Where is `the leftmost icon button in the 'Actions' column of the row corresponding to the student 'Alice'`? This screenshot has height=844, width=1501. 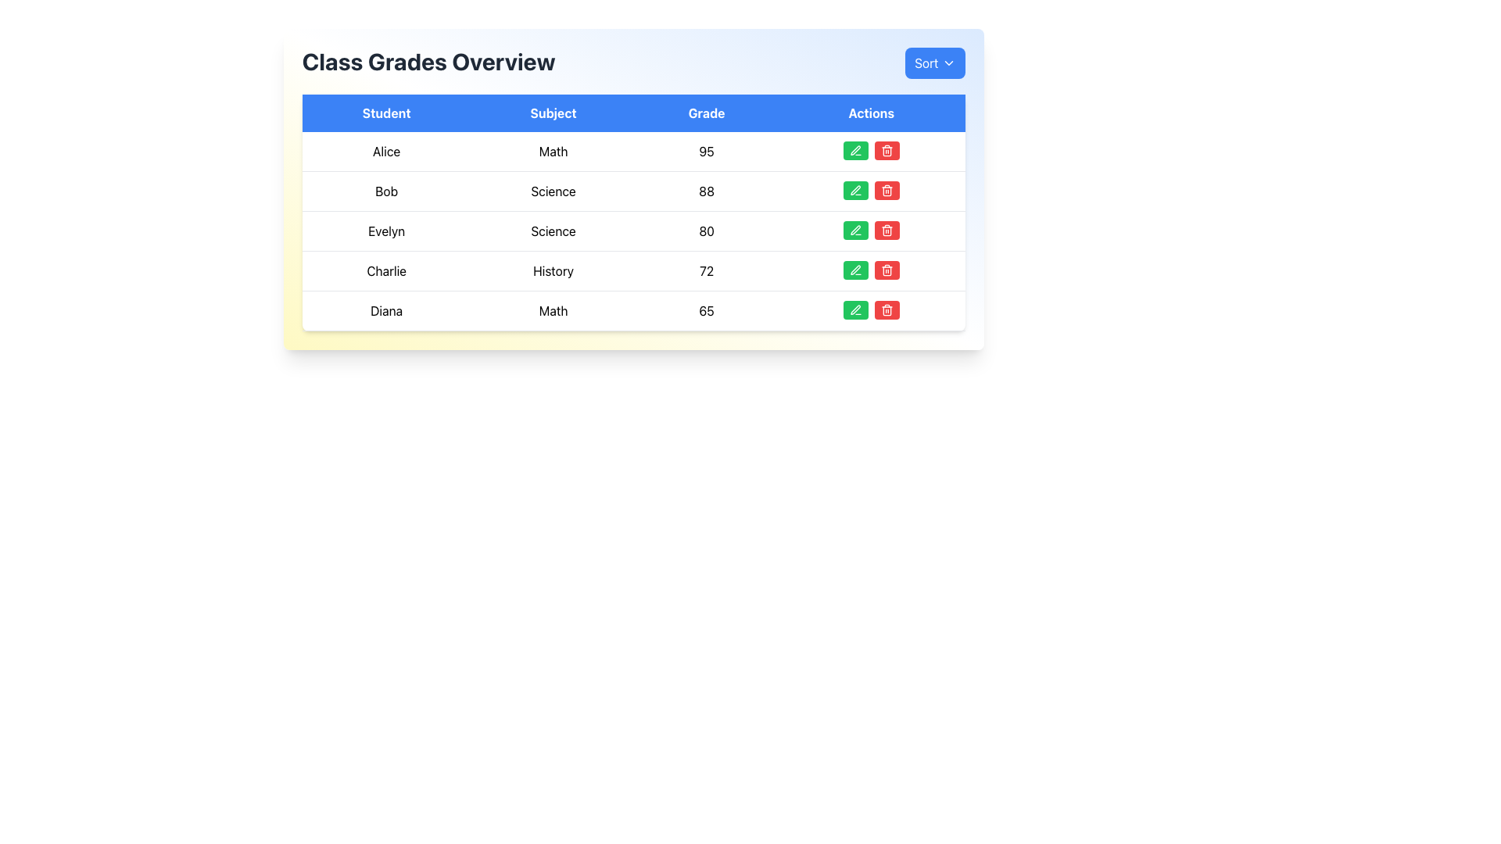
the leftmost icon button in the 'Actions' column of the row corresponding to the student 'Alice' is located at coordinates (854, 150).